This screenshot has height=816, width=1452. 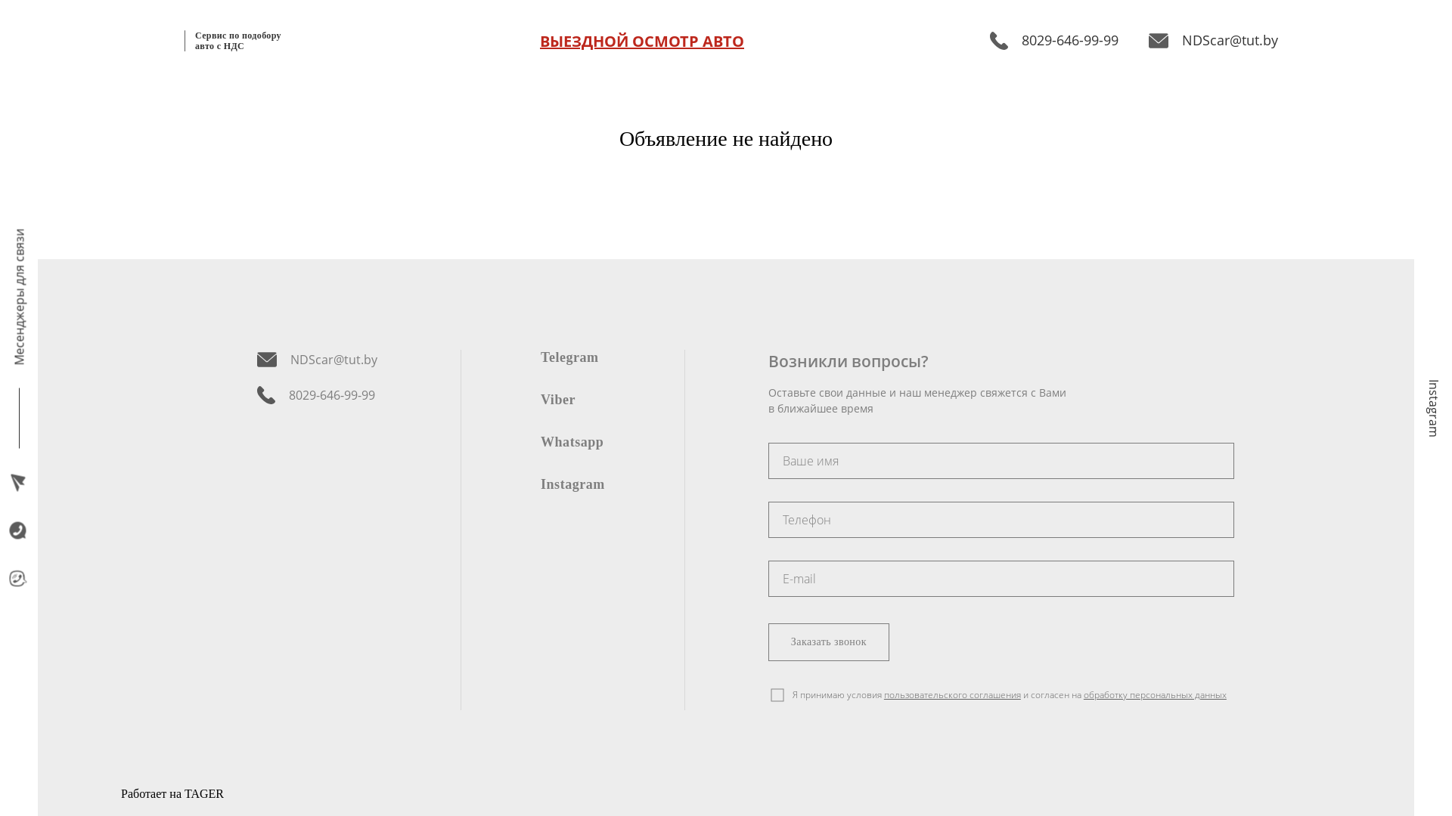 I want to click on 'NDScar@tut.by', so click(x=316, y=359).